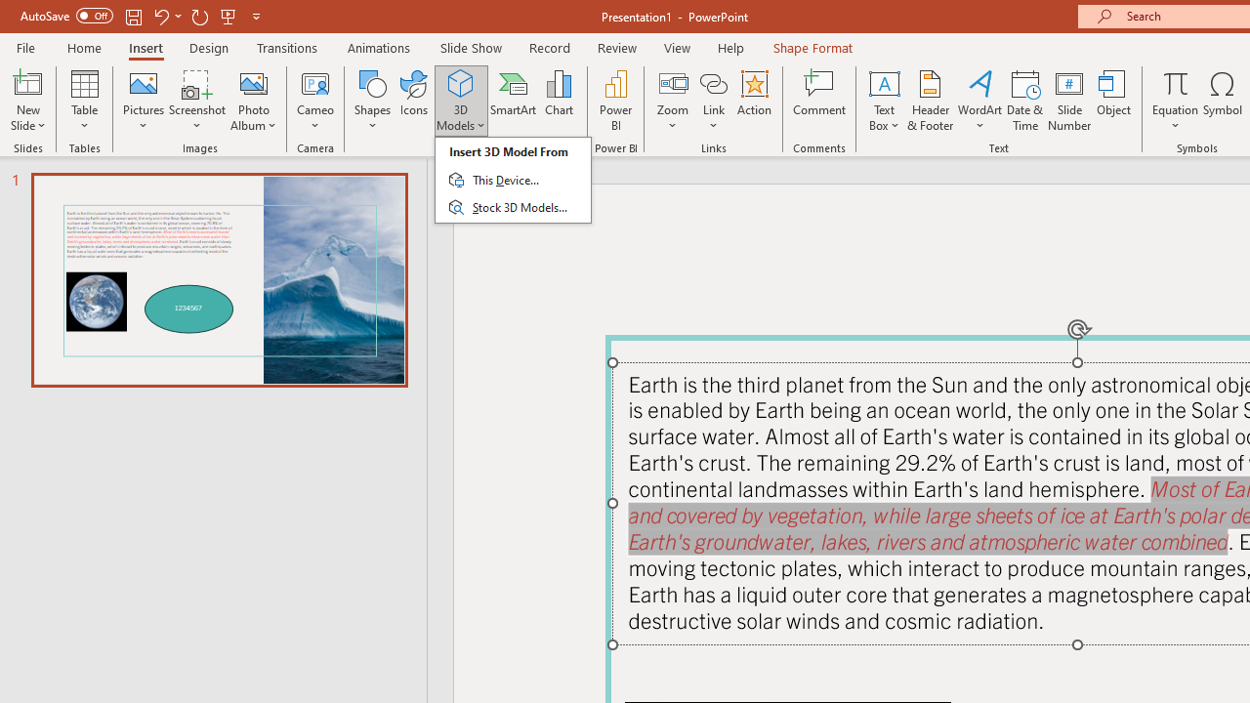 This screenshot has height=703, width=1250. I want to click on 'Power BI', so click(615, 101).